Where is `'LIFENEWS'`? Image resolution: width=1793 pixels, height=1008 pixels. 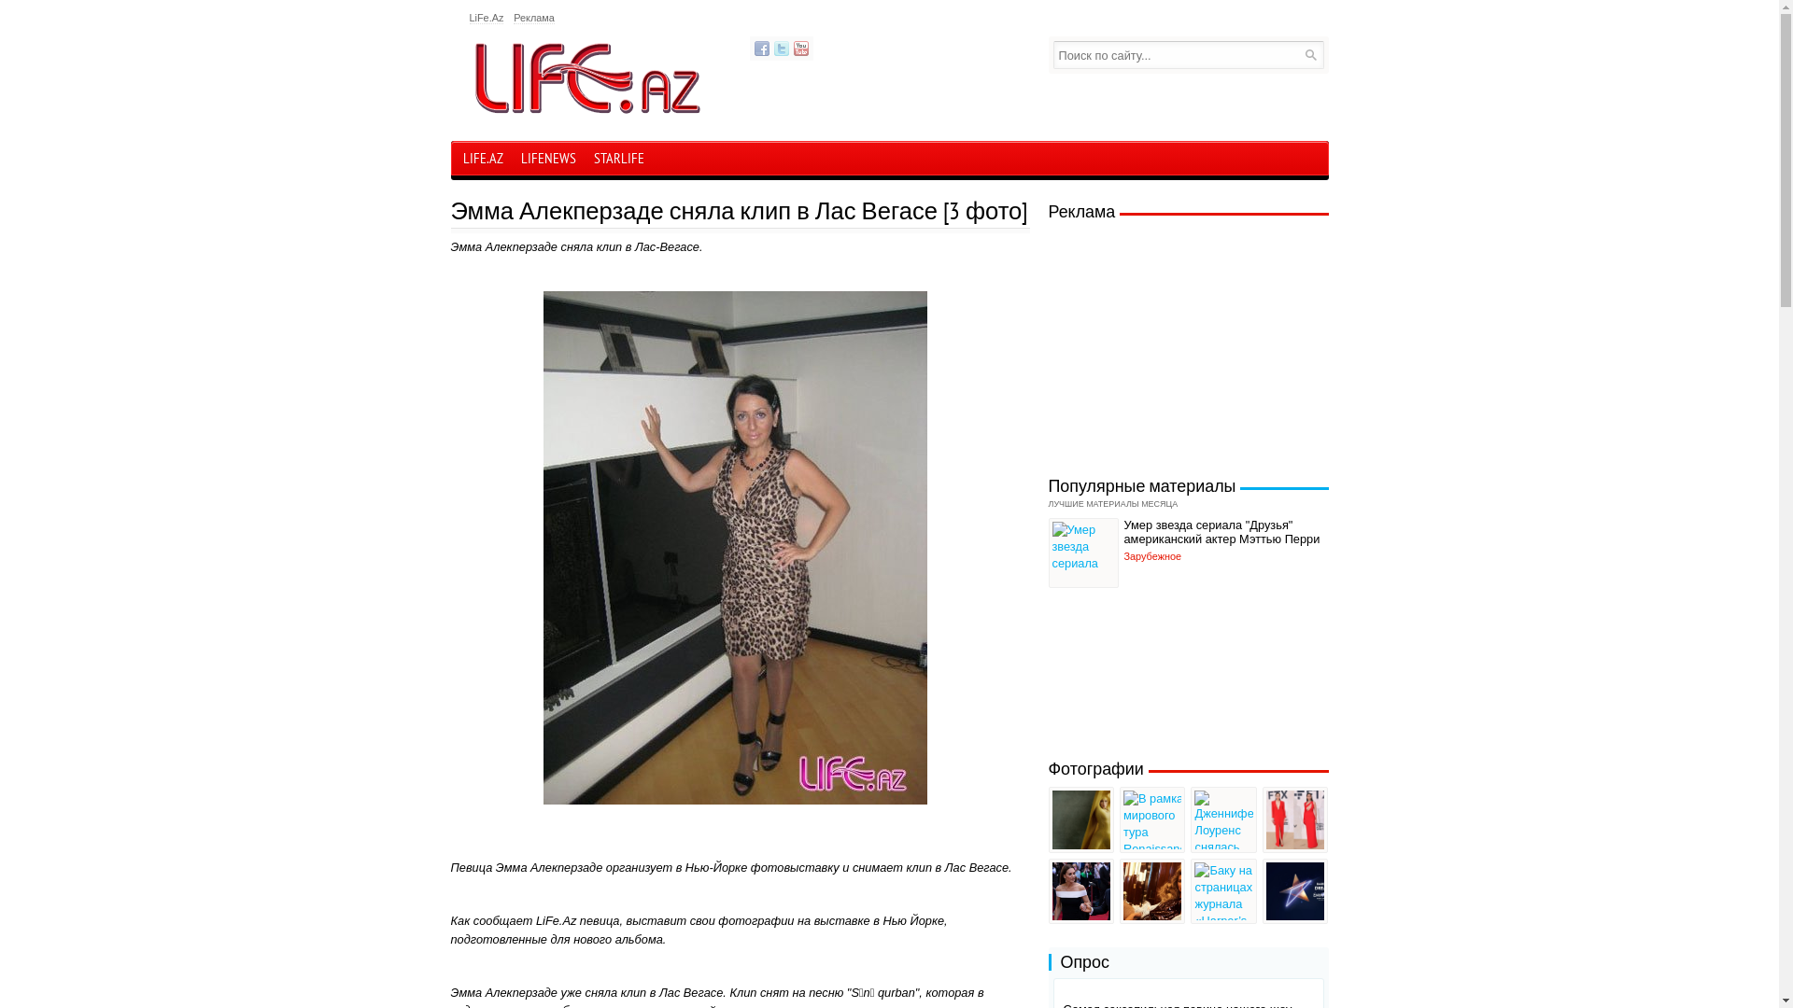 'LIFENEWS' is located at coordinates (546, 160).